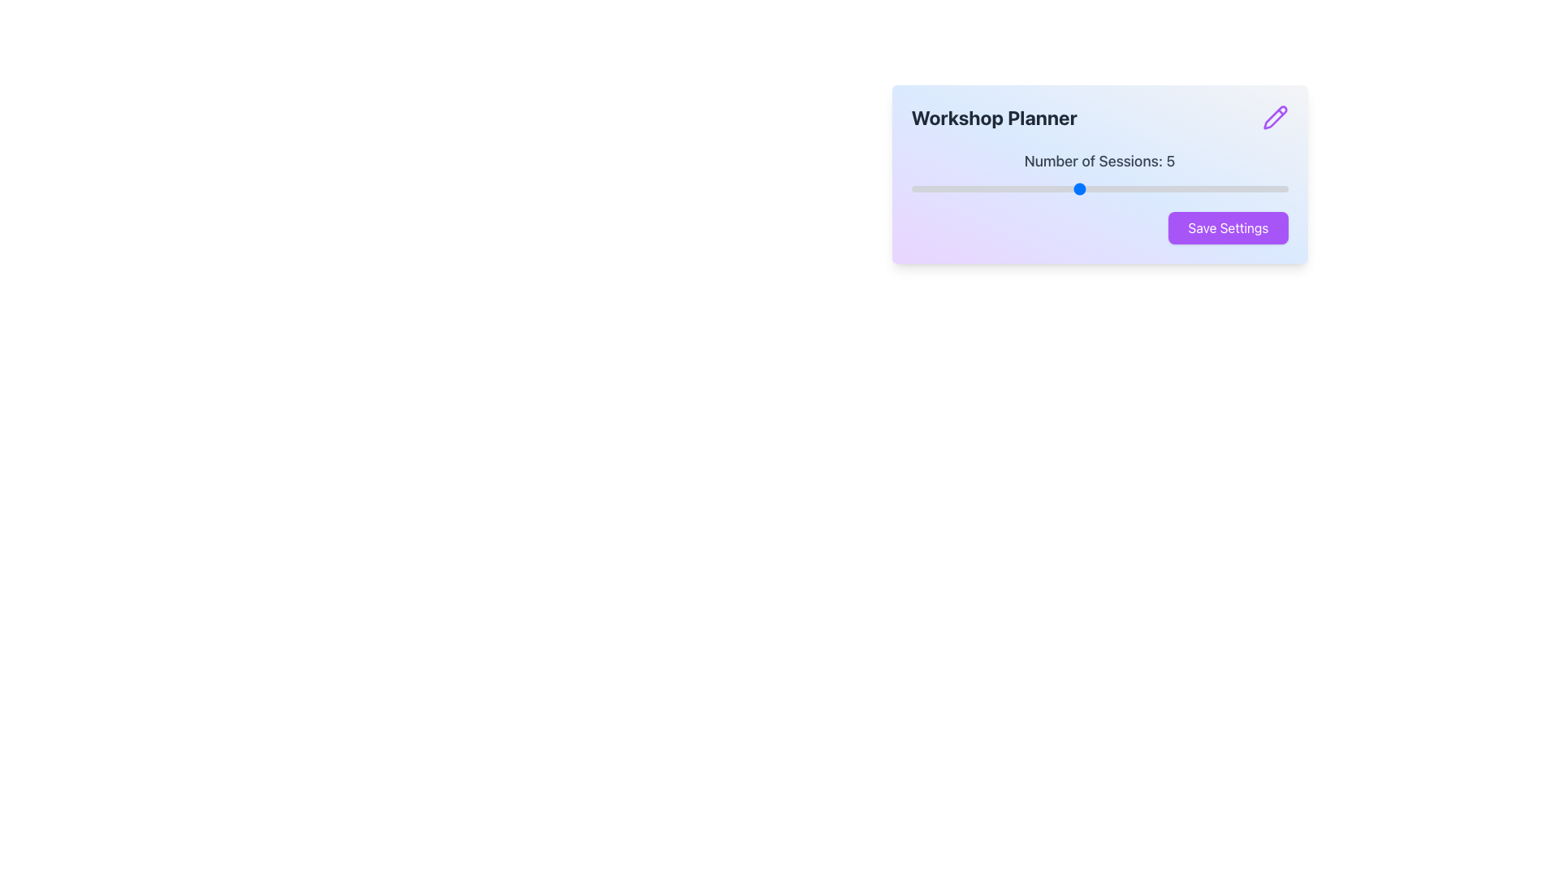  What do you see at coordinates (1036, 188) in the screenshot?
I see `the slider` at bounding box center [1036, 188].